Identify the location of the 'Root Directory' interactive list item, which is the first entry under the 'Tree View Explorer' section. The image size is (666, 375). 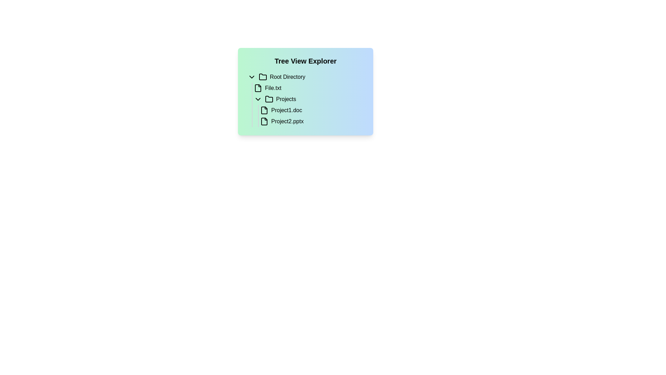
(305, 77).